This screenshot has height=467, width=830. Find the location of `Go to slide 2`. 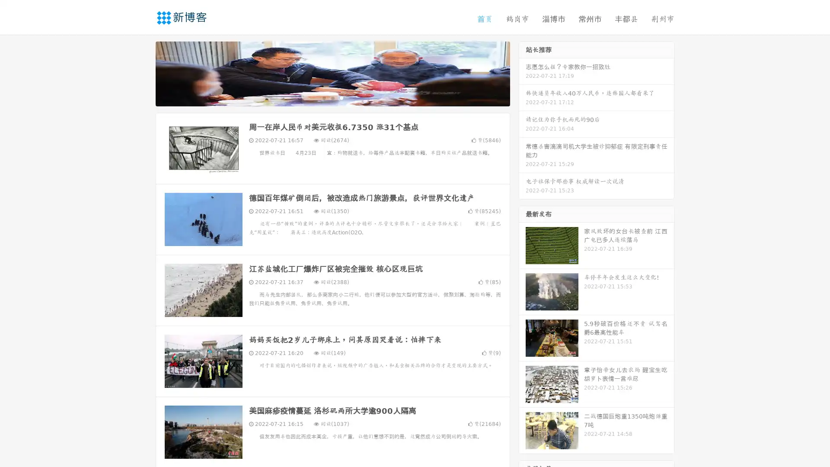

Go to slide 2 is located at coordinates (332, 97).